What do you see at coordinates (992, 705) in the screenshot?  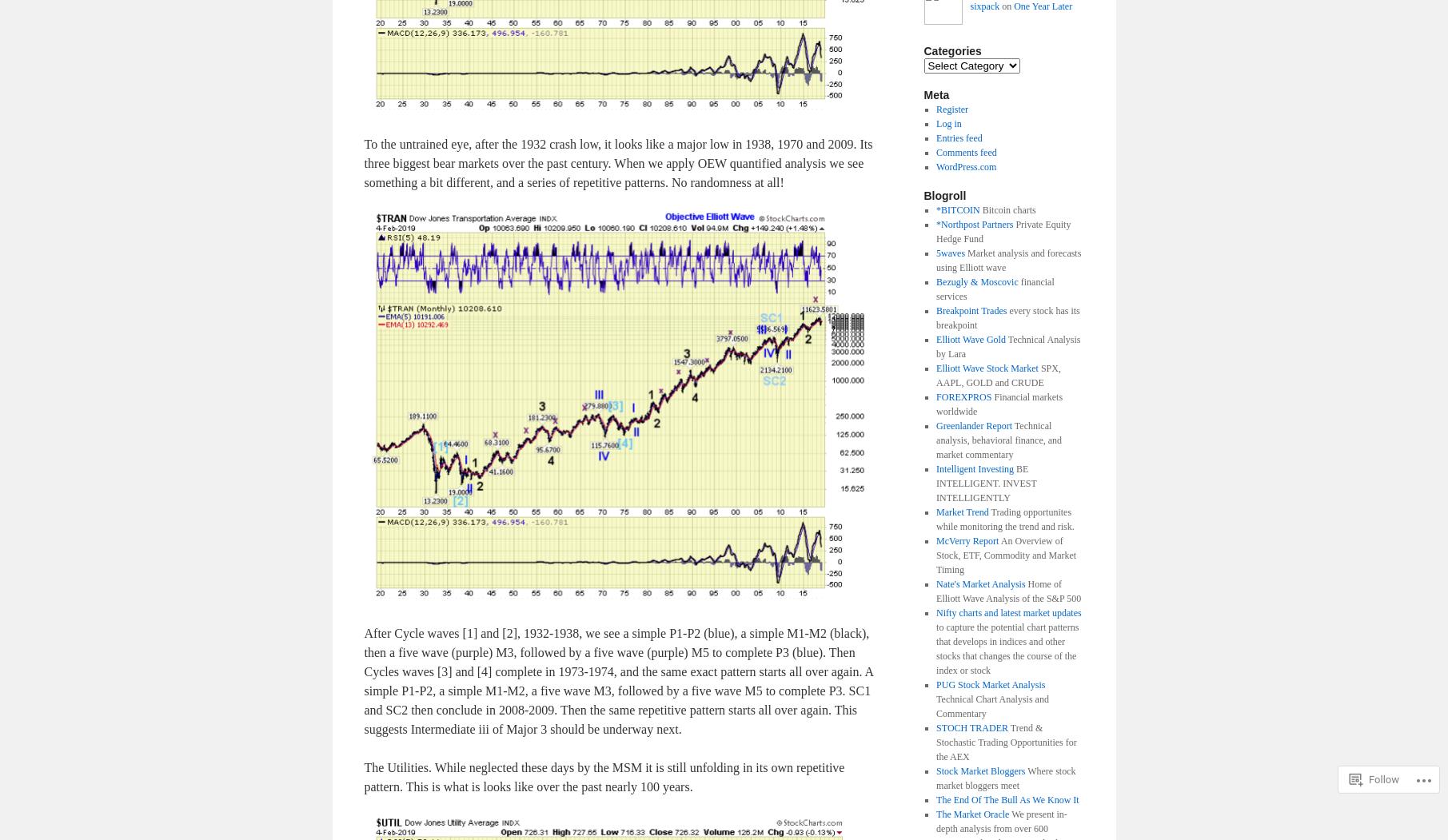 I see `'Technical Chart Analysis and Commentary'` at bounding box center [992, 705].